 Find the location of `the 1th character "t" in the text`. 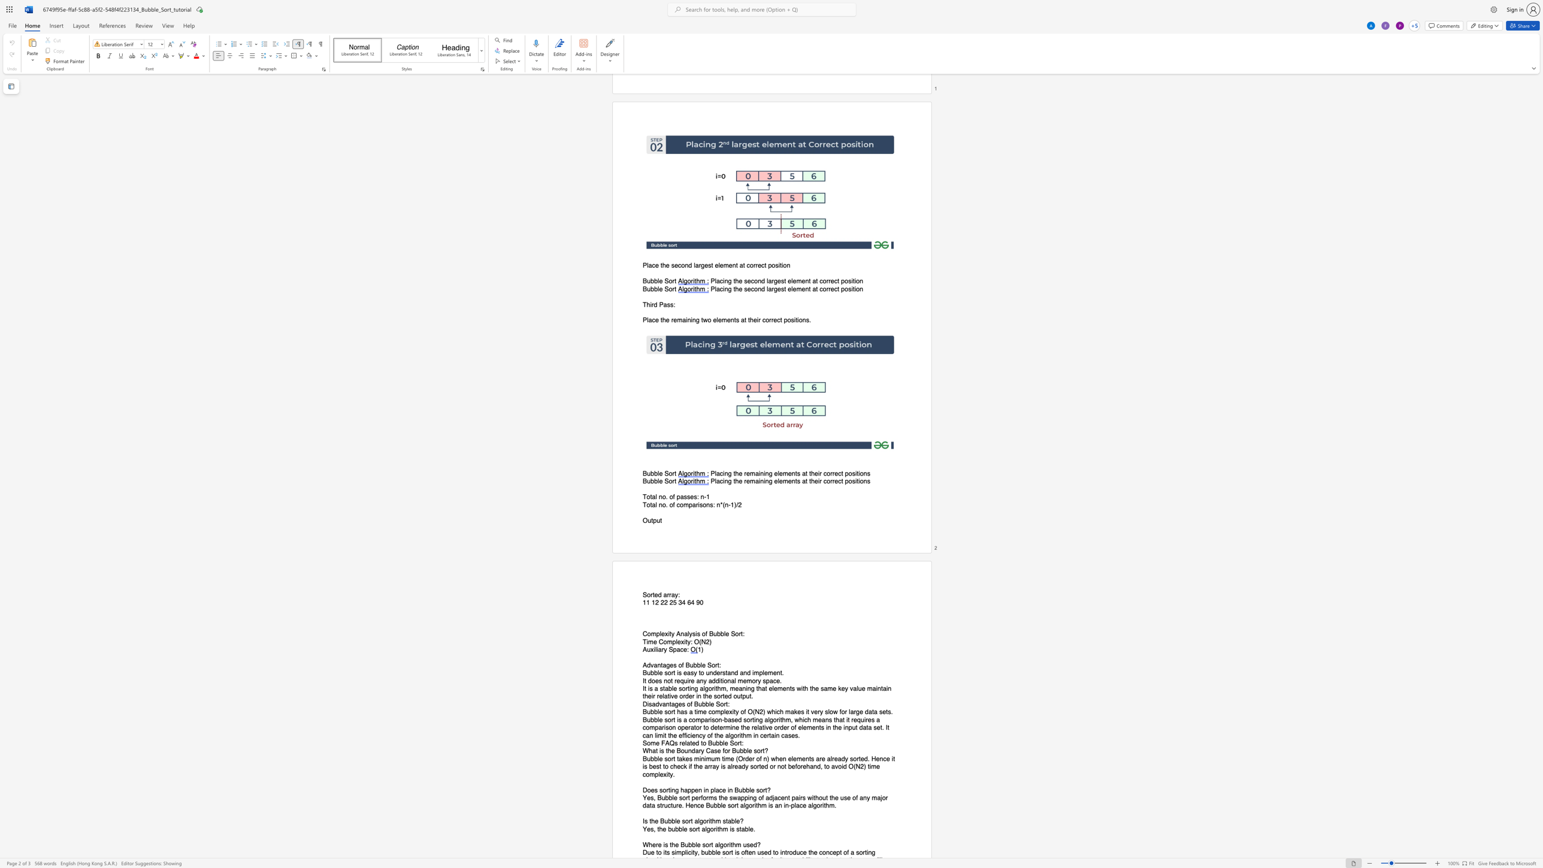

the 1th character "t" in the text is located at coordinates (872, 711).